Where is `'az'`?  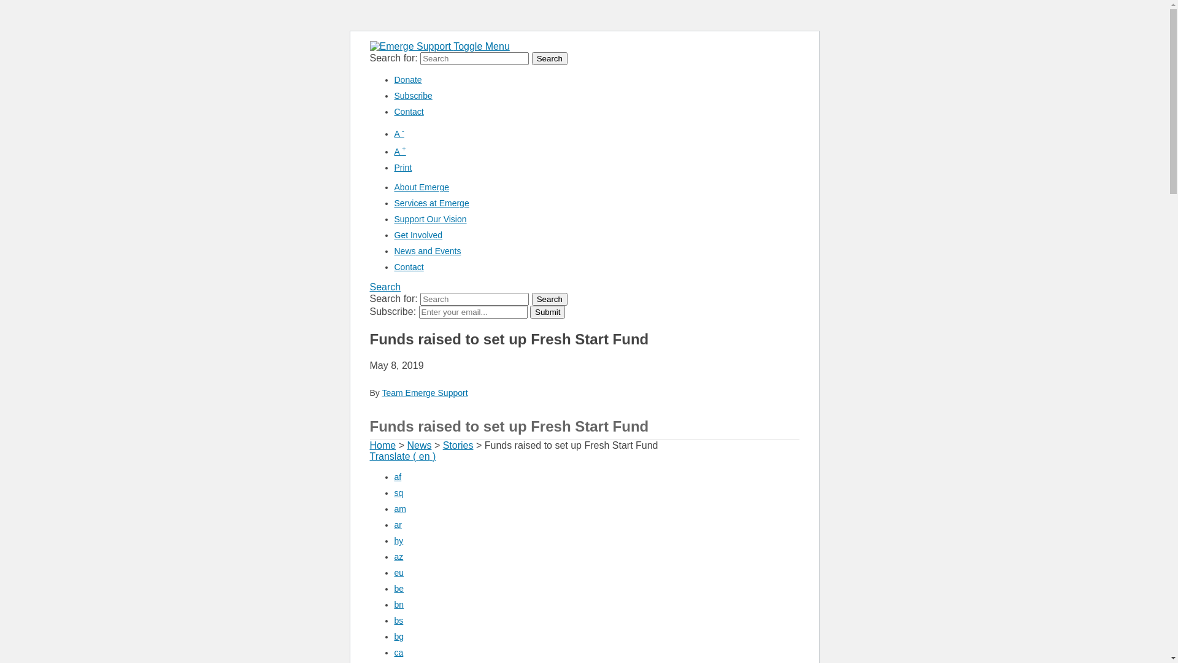 'az' is located at coordinates (398, 556).